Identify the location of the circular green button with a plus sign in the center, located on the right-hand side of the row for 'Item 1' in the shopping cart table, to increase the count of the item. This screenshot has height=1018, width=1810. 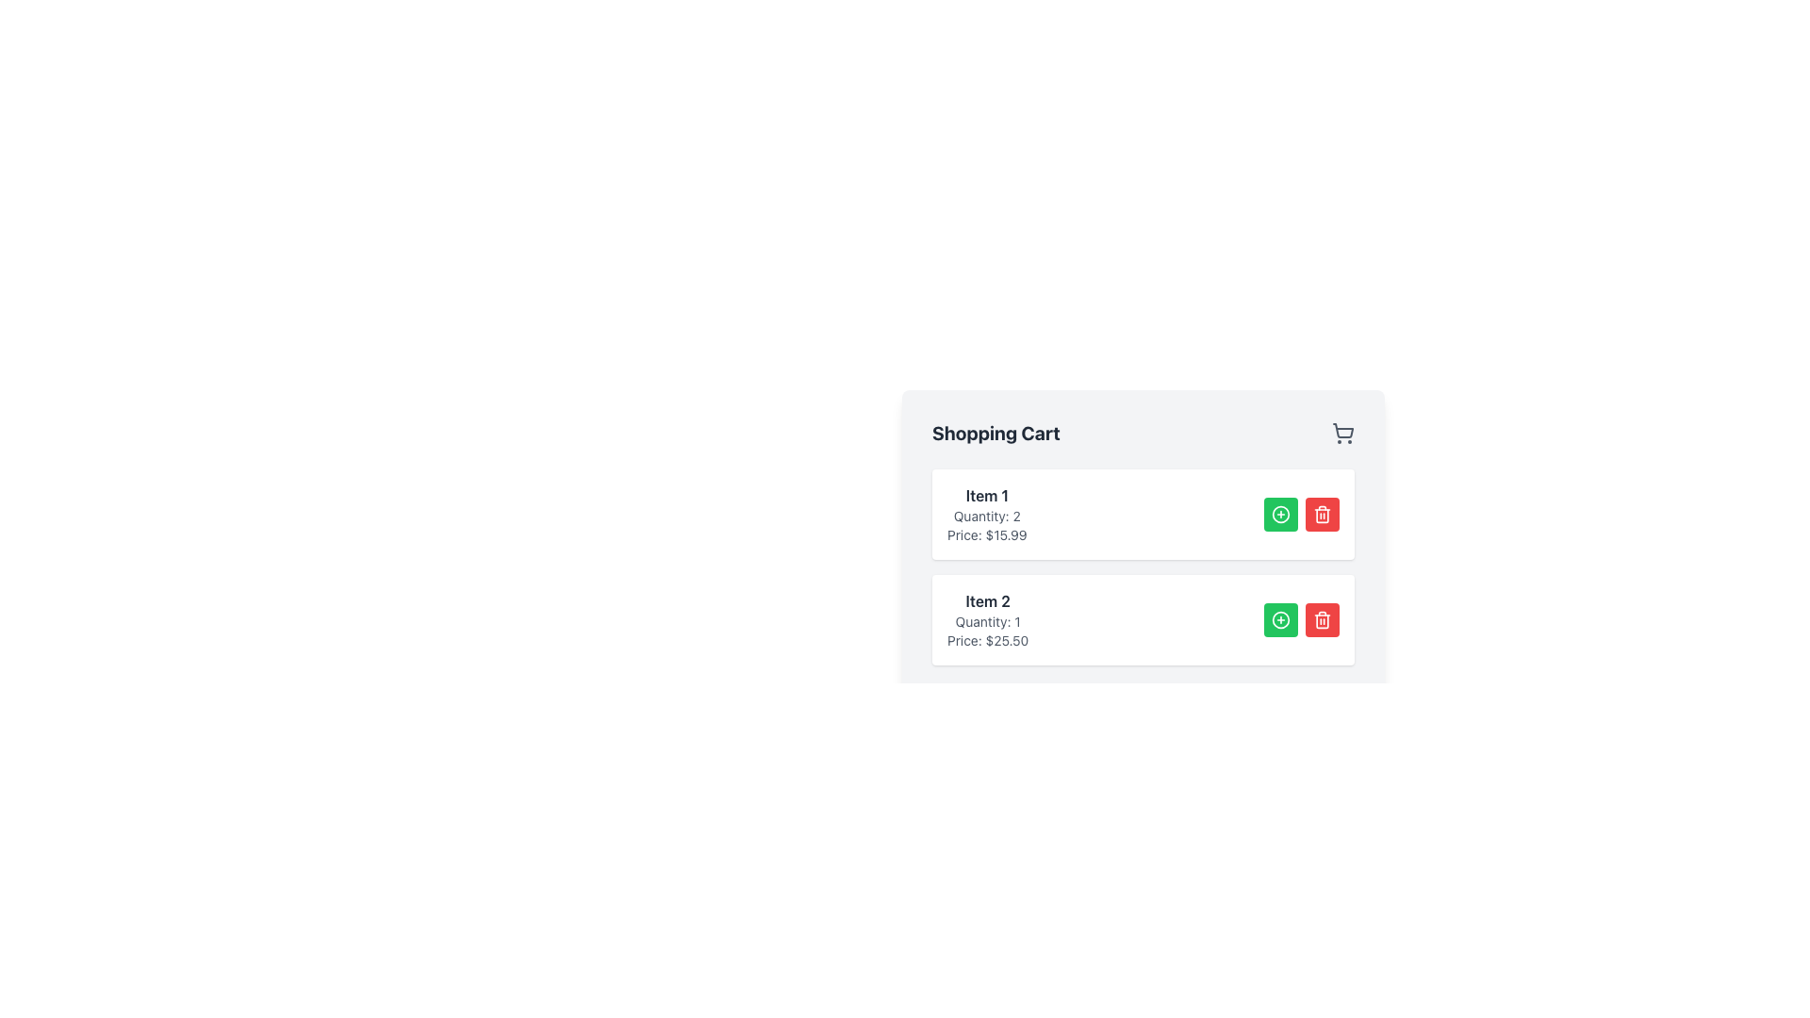
(1280, 515).